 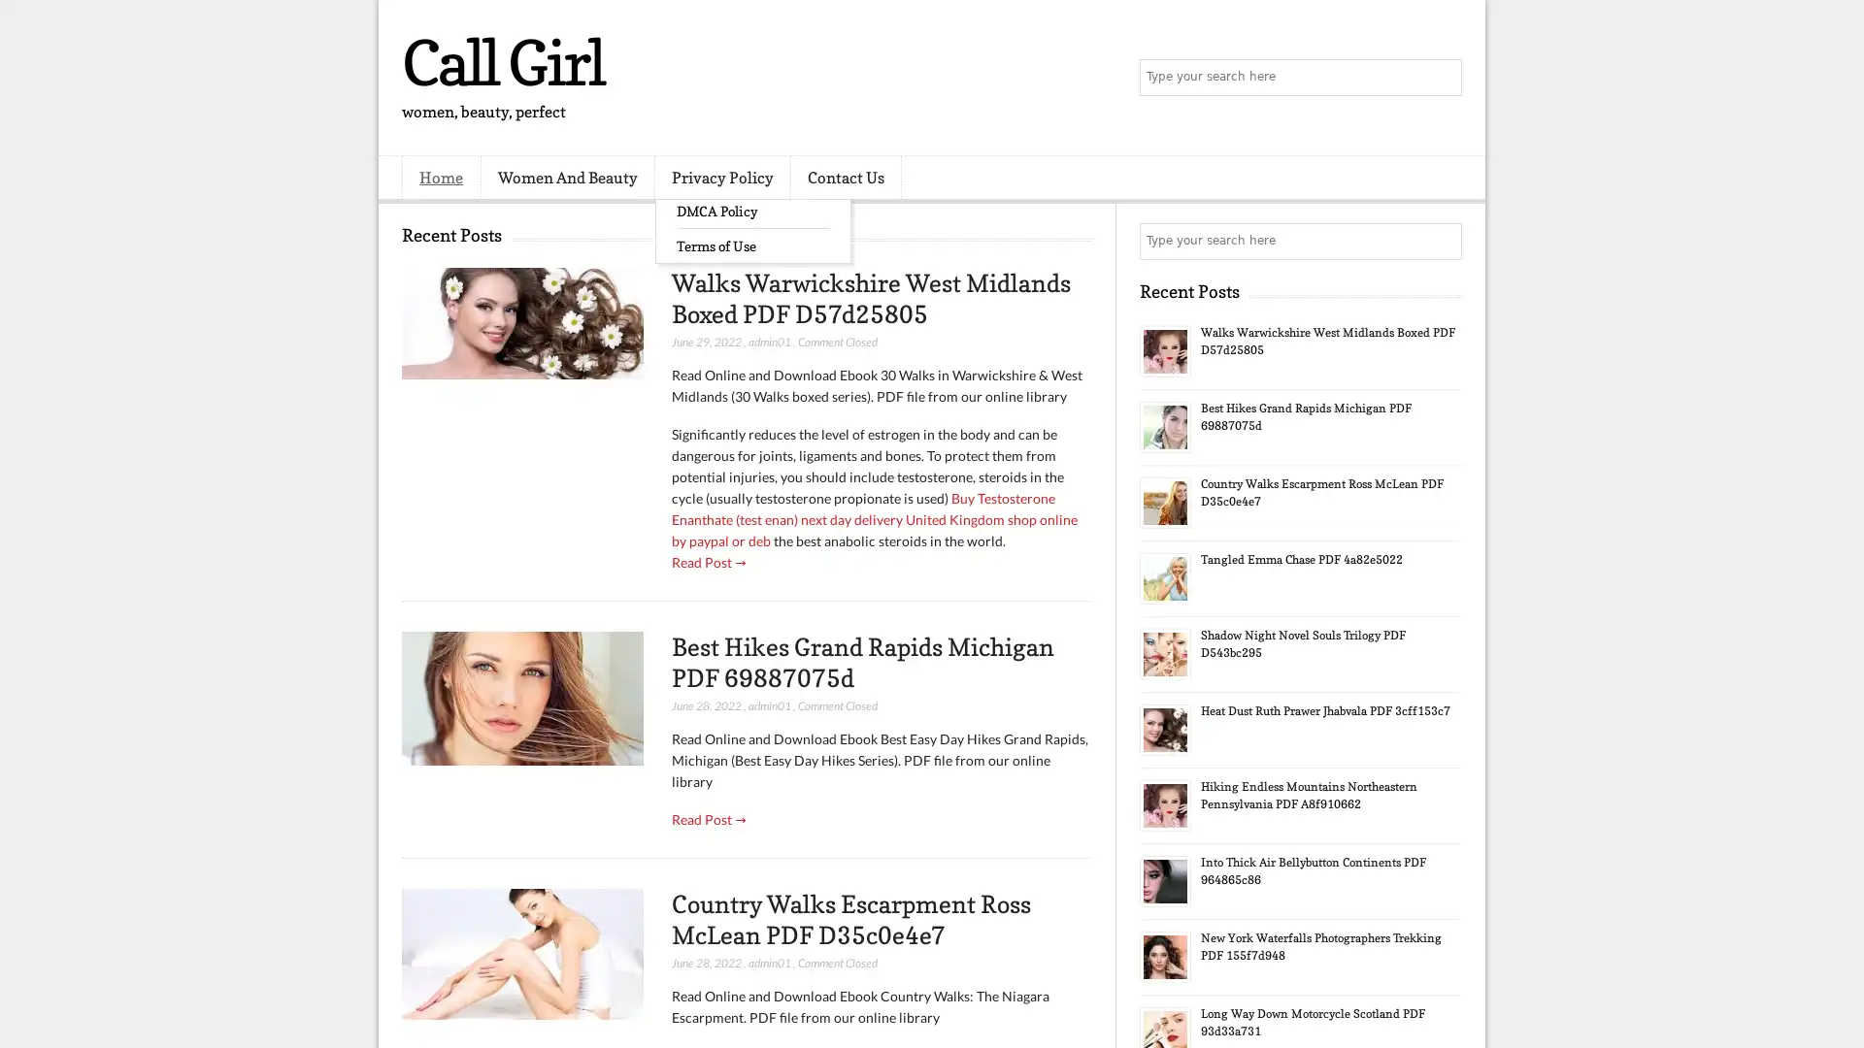 I want to click on Search, so click(x=1442, y=78).